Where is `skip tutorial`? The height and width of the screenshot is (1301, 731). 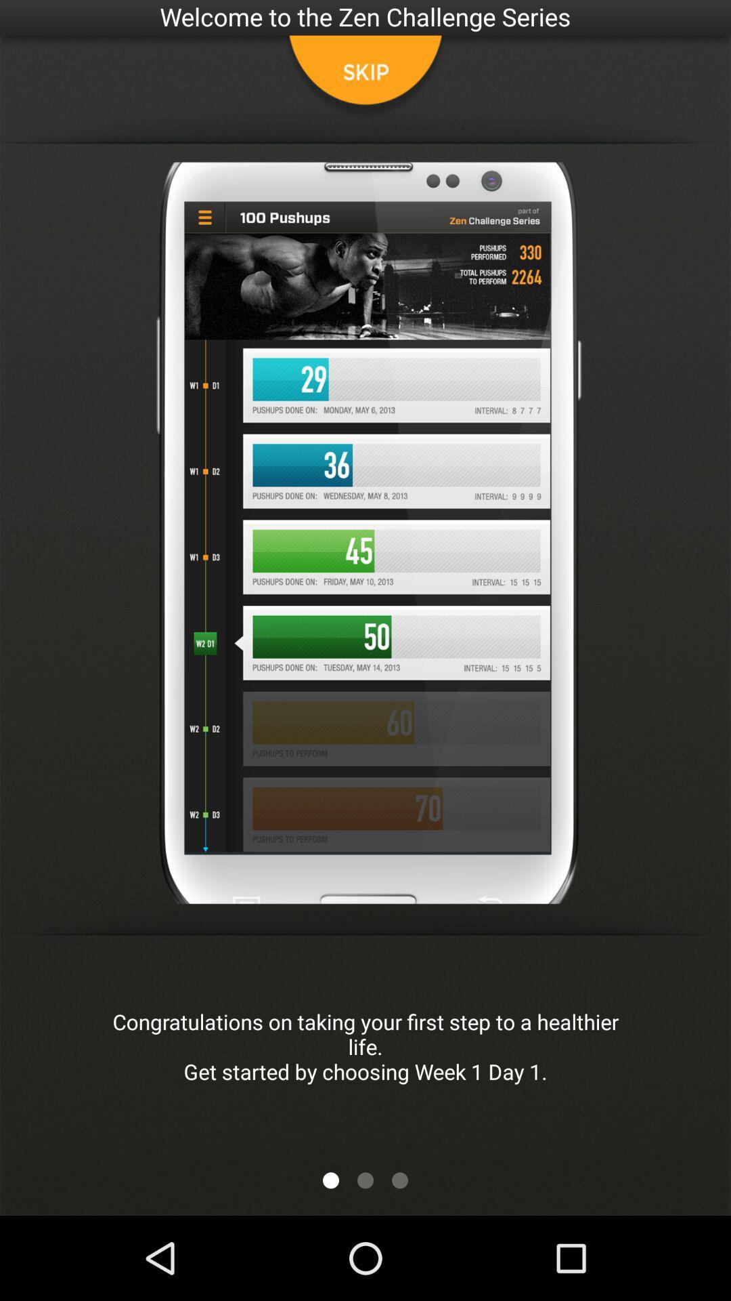
skip tutorial is located at coordinates (365, 77).